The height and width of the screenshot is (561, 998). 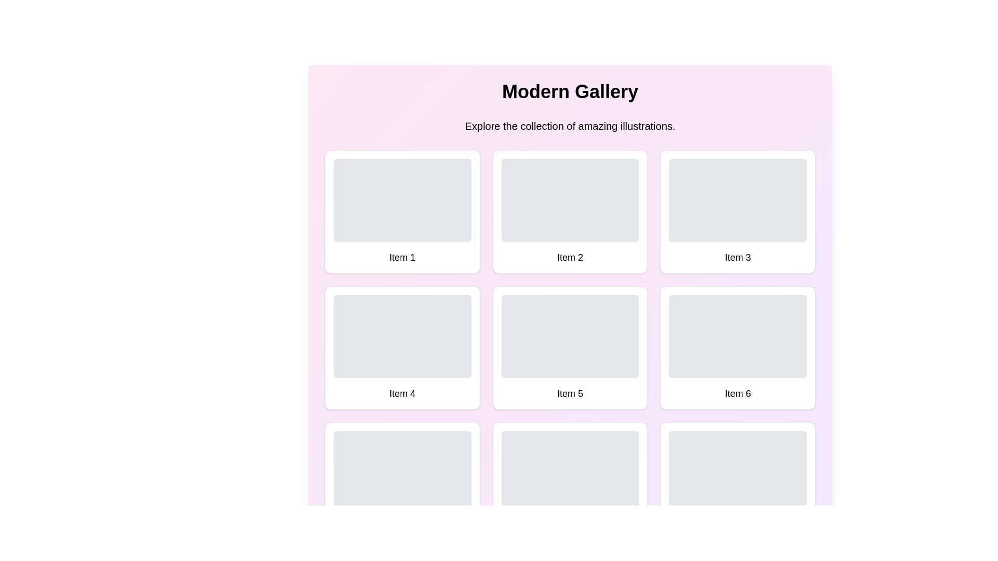 What do you see at coordinates (402, 394) in the screenshot?
I see `the text label displaying 'Item 4' which is styled with bold font and centered alignment, located in the second row, first column of the grid` at bounding box center [402, 394].